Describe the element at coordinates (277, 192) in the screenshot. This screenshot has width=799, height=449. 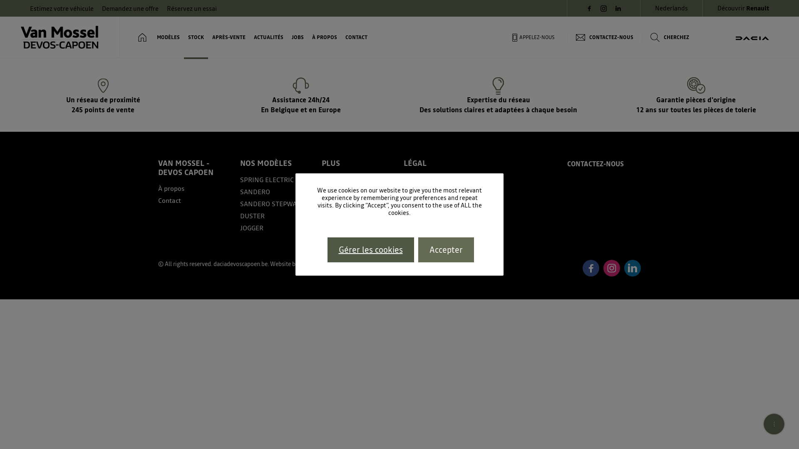
I see `'SANDERO'` at that location.